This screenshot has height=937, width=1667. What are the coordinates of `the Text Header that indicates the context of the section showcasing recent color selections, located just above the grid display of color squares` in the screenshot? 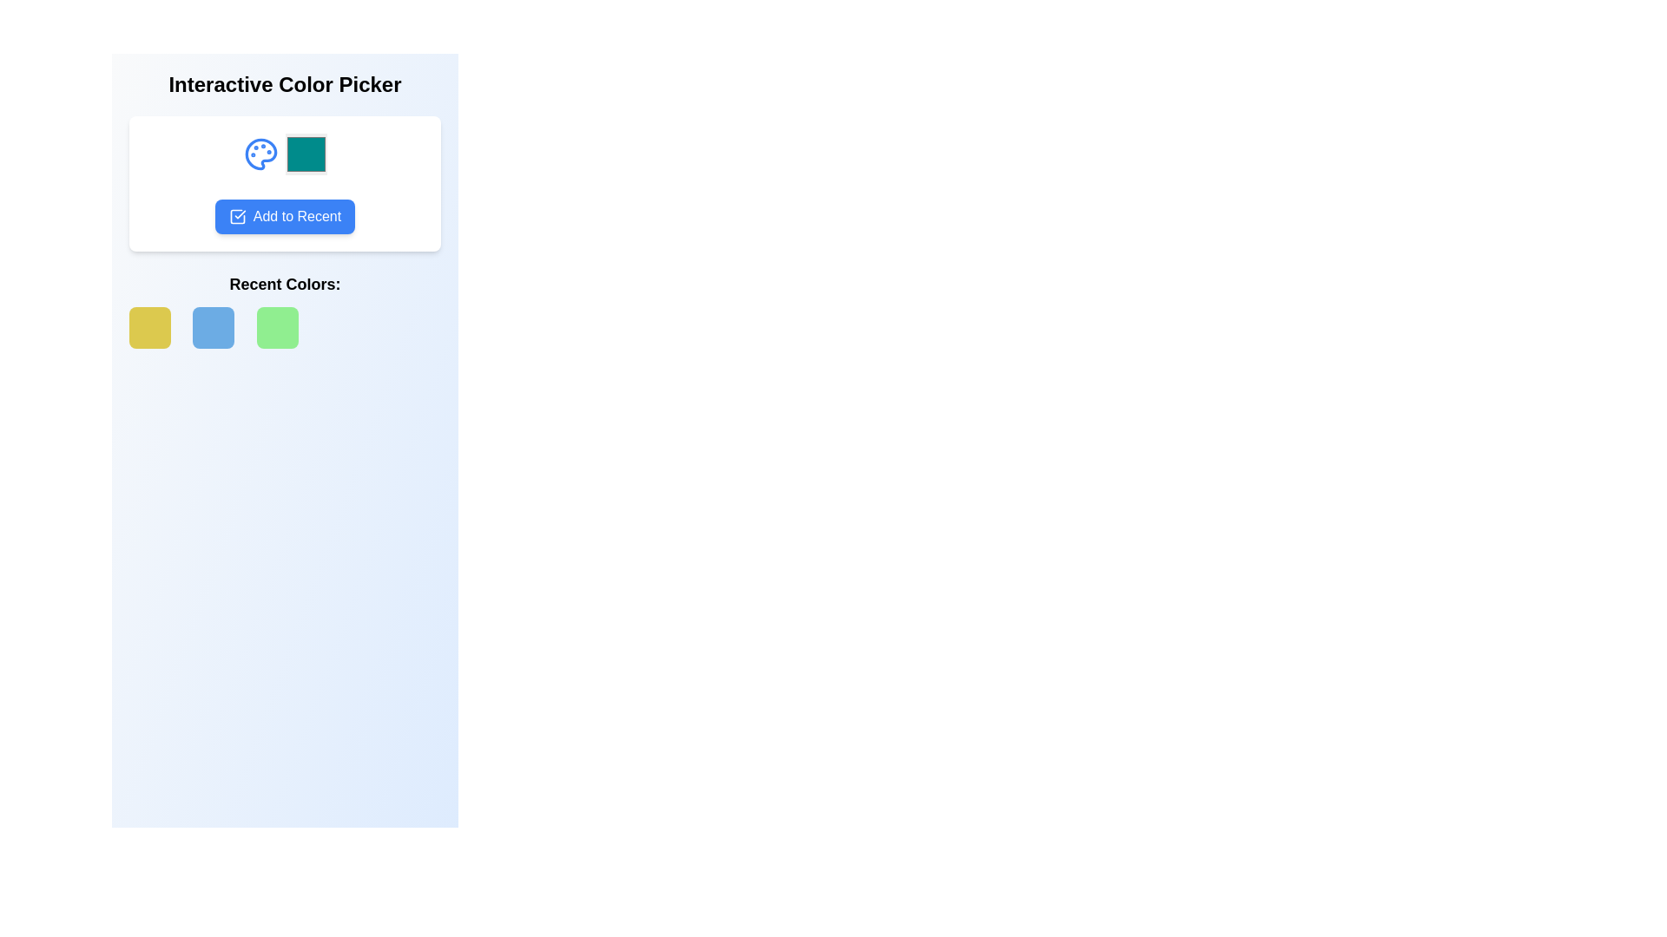 It's located at (285, 283).